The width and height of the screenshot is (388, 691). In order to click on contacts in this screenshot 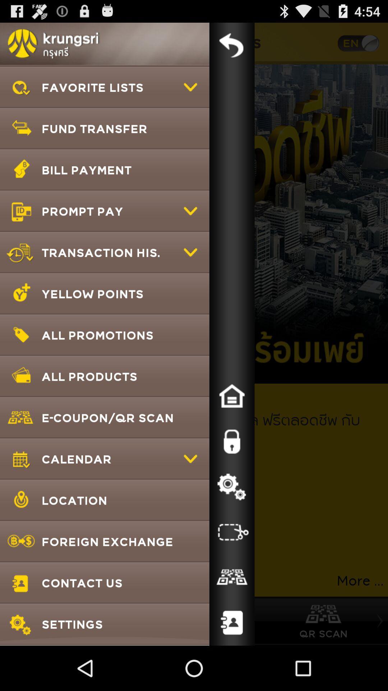, I will do `click(232, 623)`.